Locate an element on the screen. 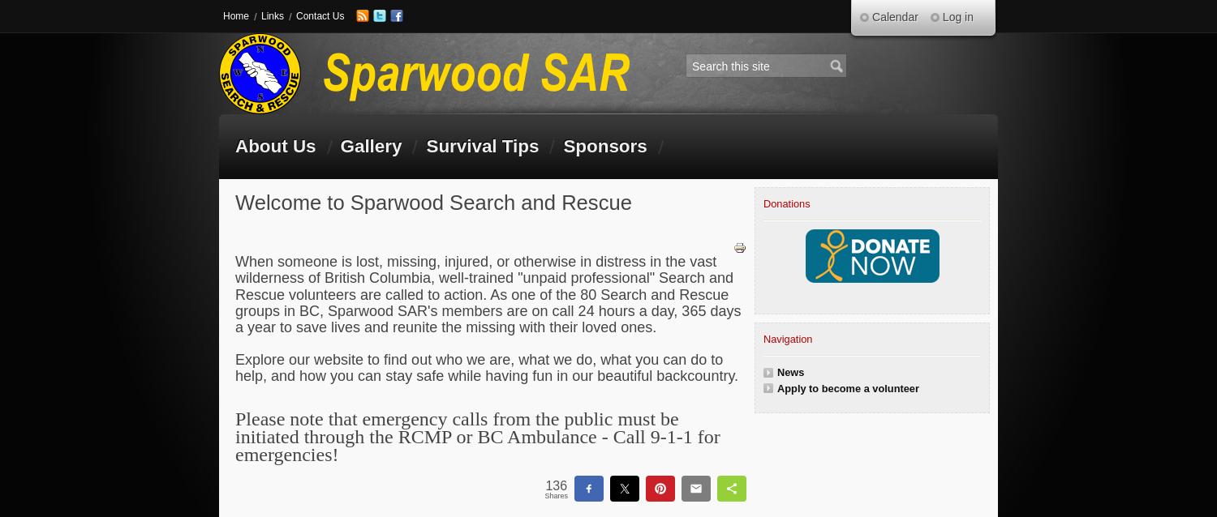 The width and height of the screenshot is (1217, 517). 'Apply to become a volunteer' is located at coordinates (848, 387).